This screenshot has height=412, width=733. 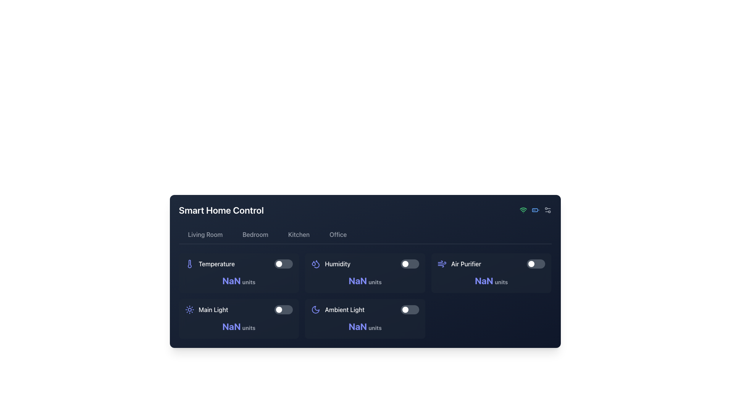 What do you see at coordinates (409, 263) in the screenshot?
I see `the toggle switch for the 'Humidity' functionality, located to the right of the 'Humidity' label` at bounding box center [409, 263].